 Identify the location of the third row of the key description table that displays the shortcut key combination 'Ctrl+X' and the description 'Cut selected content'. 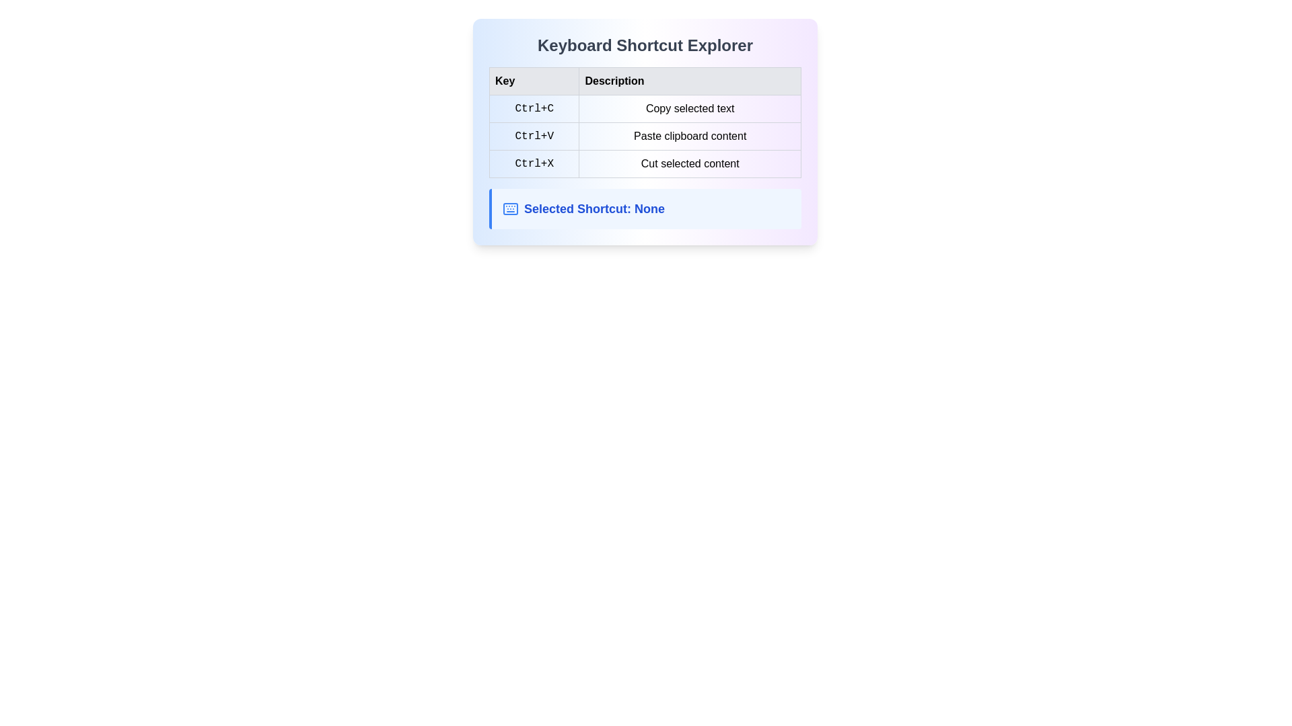
(645, 163).